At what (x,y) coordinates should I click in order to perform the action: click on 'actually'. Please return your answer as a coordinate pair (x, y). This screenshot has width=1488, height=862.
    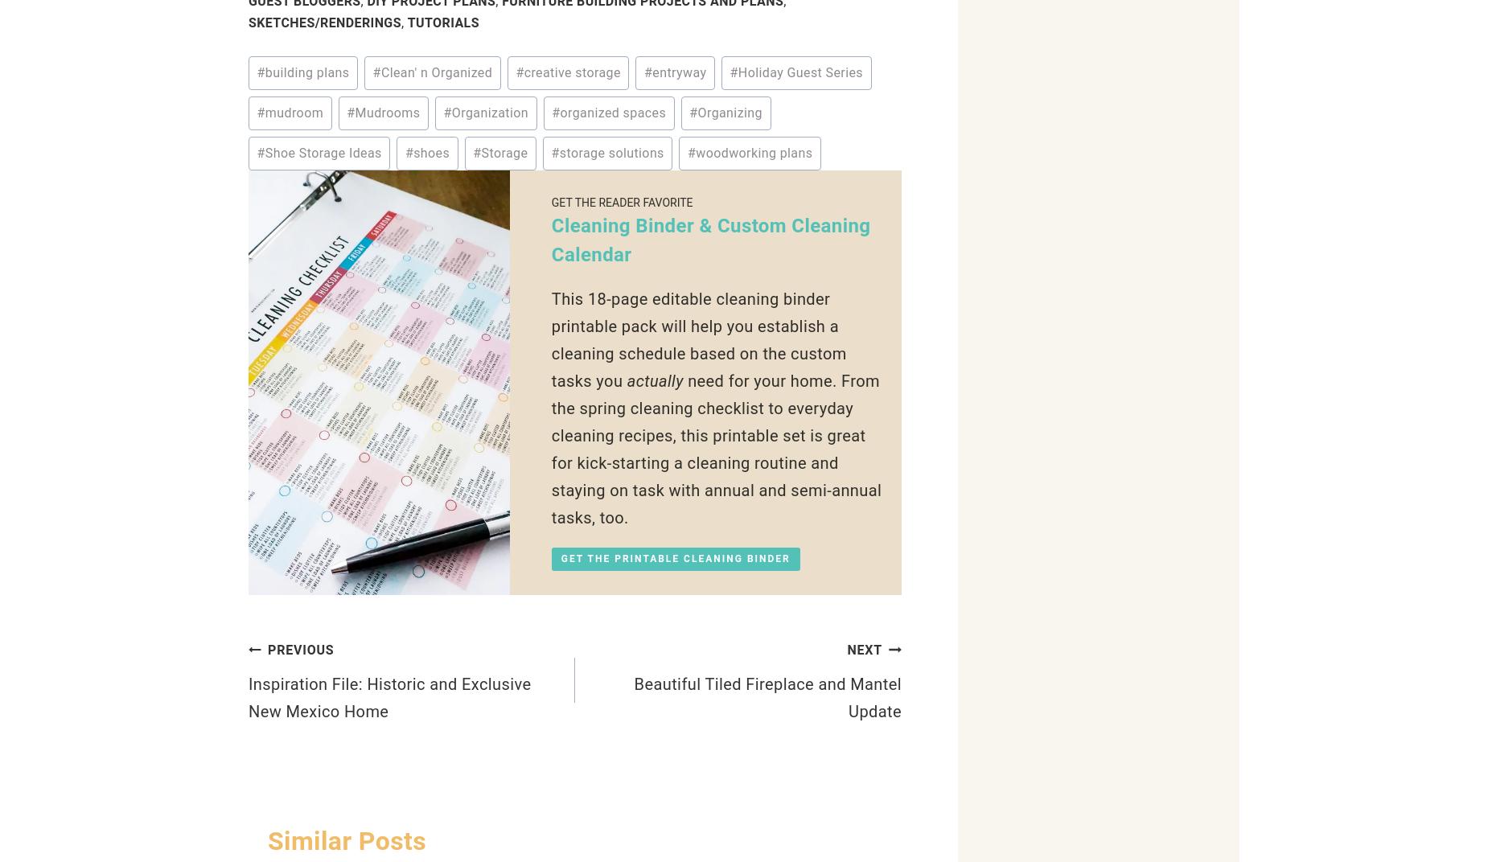
    Looking at the image, I should click on (655, 380).